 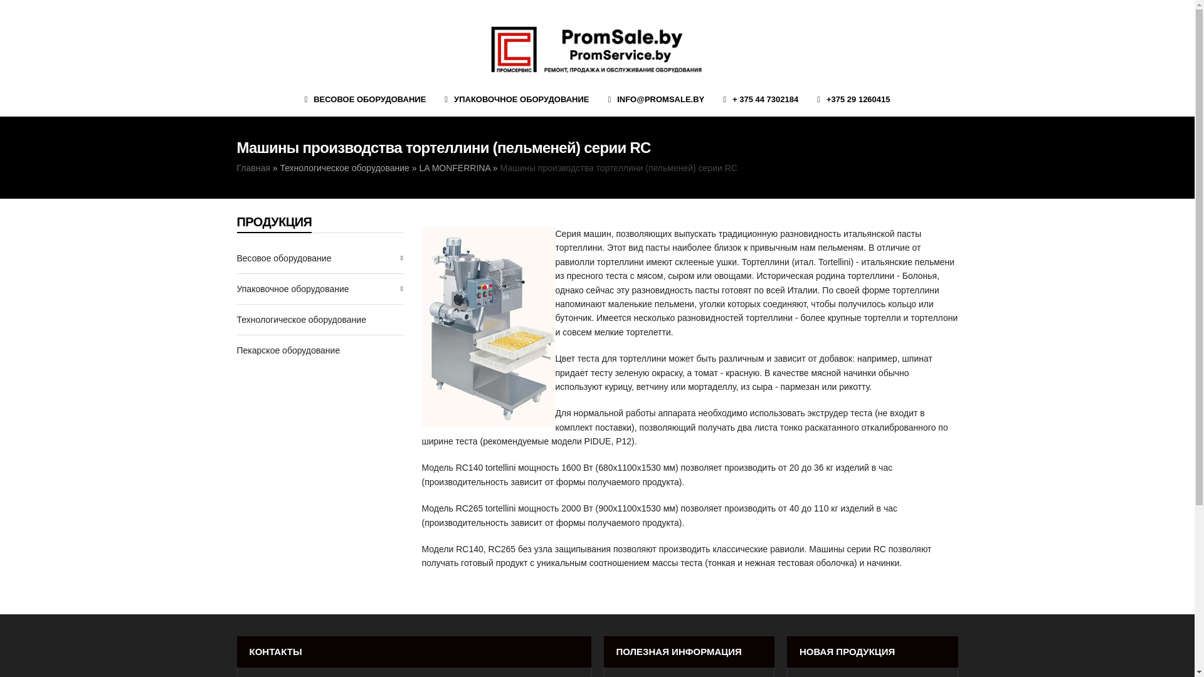 I want to click on 'LA MONFERRINA', so click(x=453, y=167).